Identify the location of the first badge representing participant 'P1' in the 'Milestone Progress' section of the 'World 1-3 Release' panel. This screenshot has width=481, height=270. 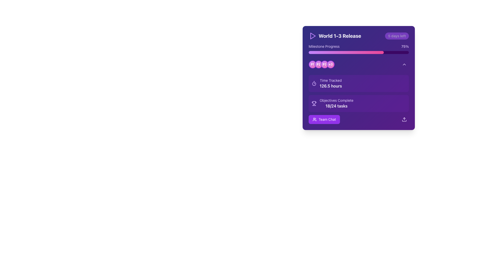
(312, 64).